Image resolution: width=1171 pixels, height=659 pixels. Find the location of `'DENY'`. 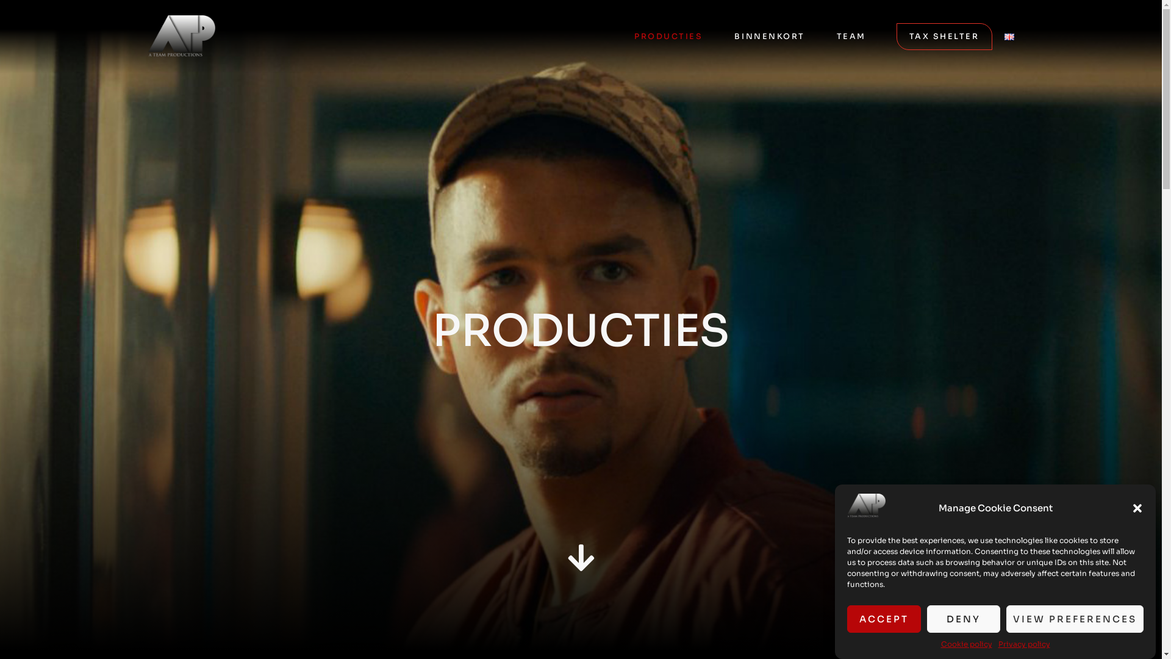

'DENY' is located at coordinates (963, 619).